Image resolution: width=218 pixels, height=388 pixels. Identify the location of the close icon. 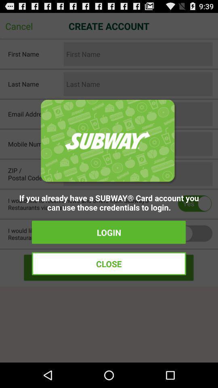
(109, 263).